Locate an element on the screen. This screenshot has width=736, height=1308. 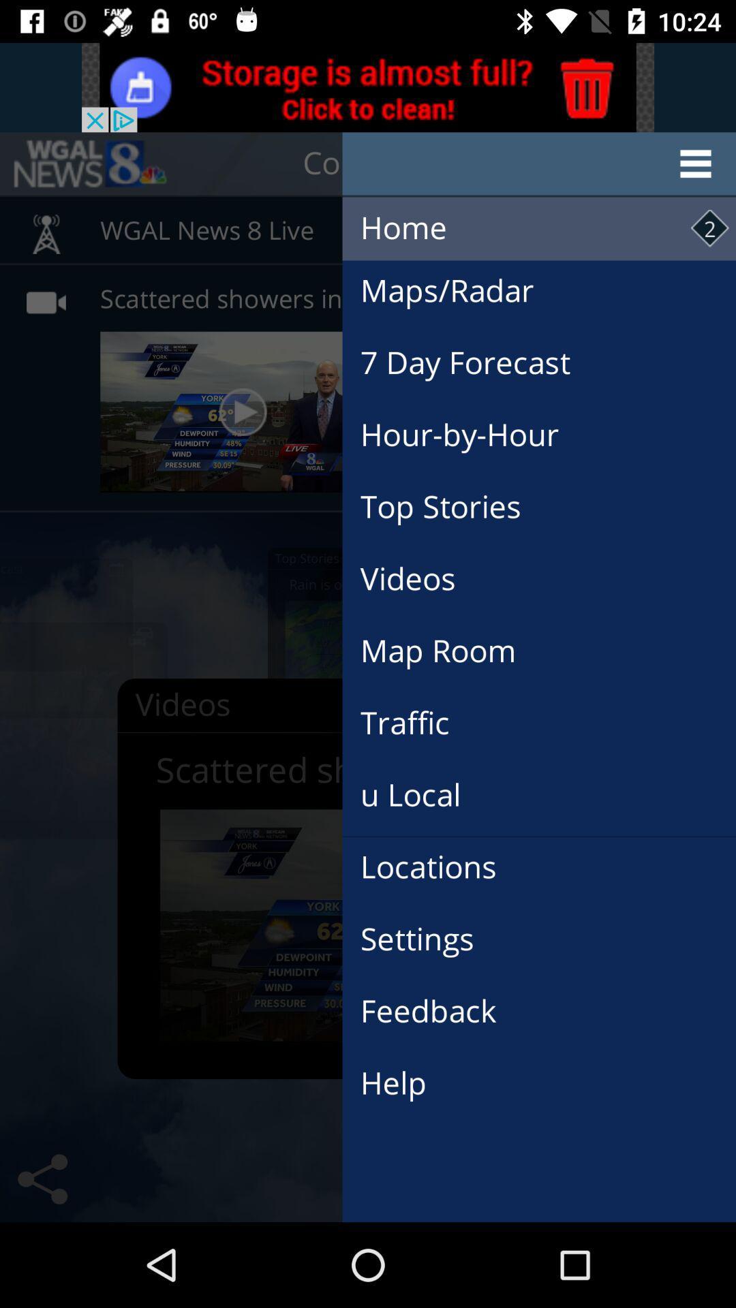
the share icon is located at coordinates (42, 1179).